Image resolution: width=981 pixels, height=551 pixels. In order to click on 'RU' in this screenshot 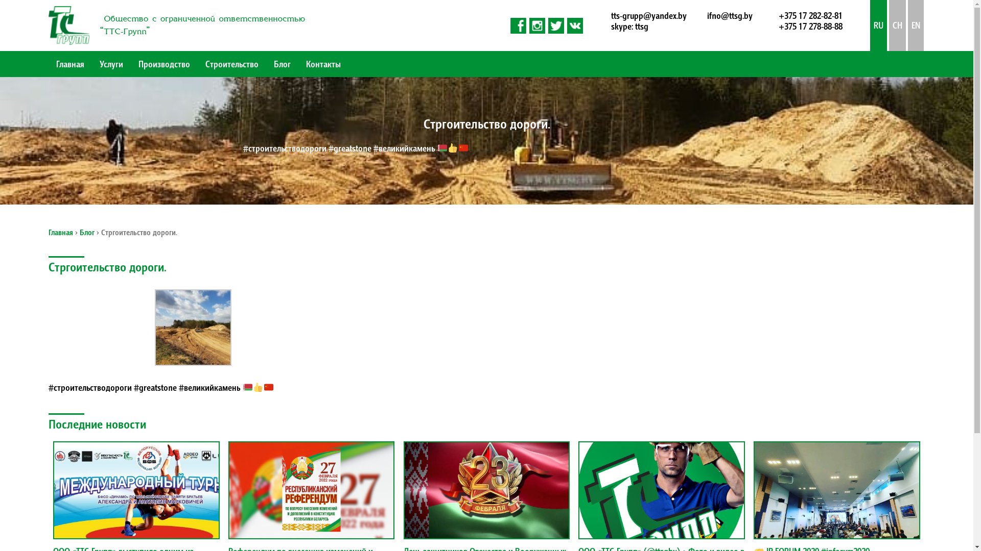, I will do `click(878, 25)`.